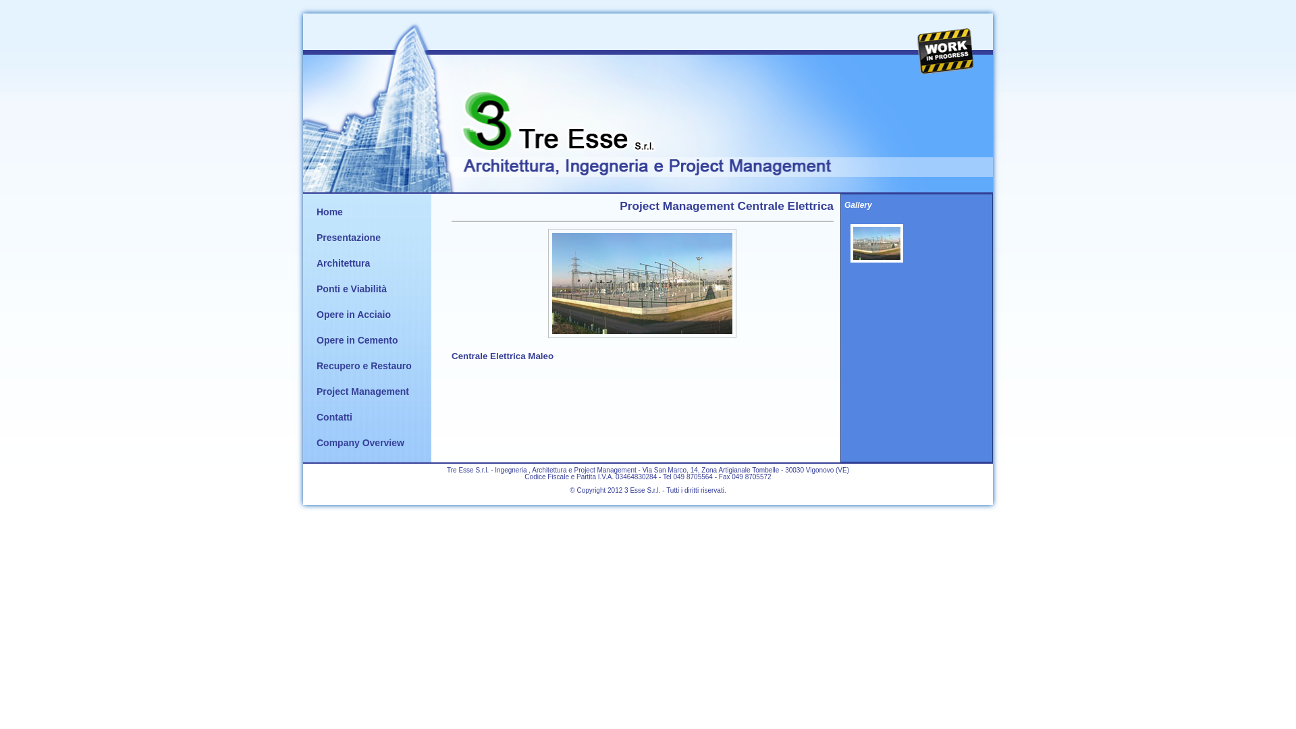 This screenshot has height=729, width=1296. What do you see at coordinates (362, 391) in the screenshot?
I see `'Project Management'` at bounding box center [362, 391].